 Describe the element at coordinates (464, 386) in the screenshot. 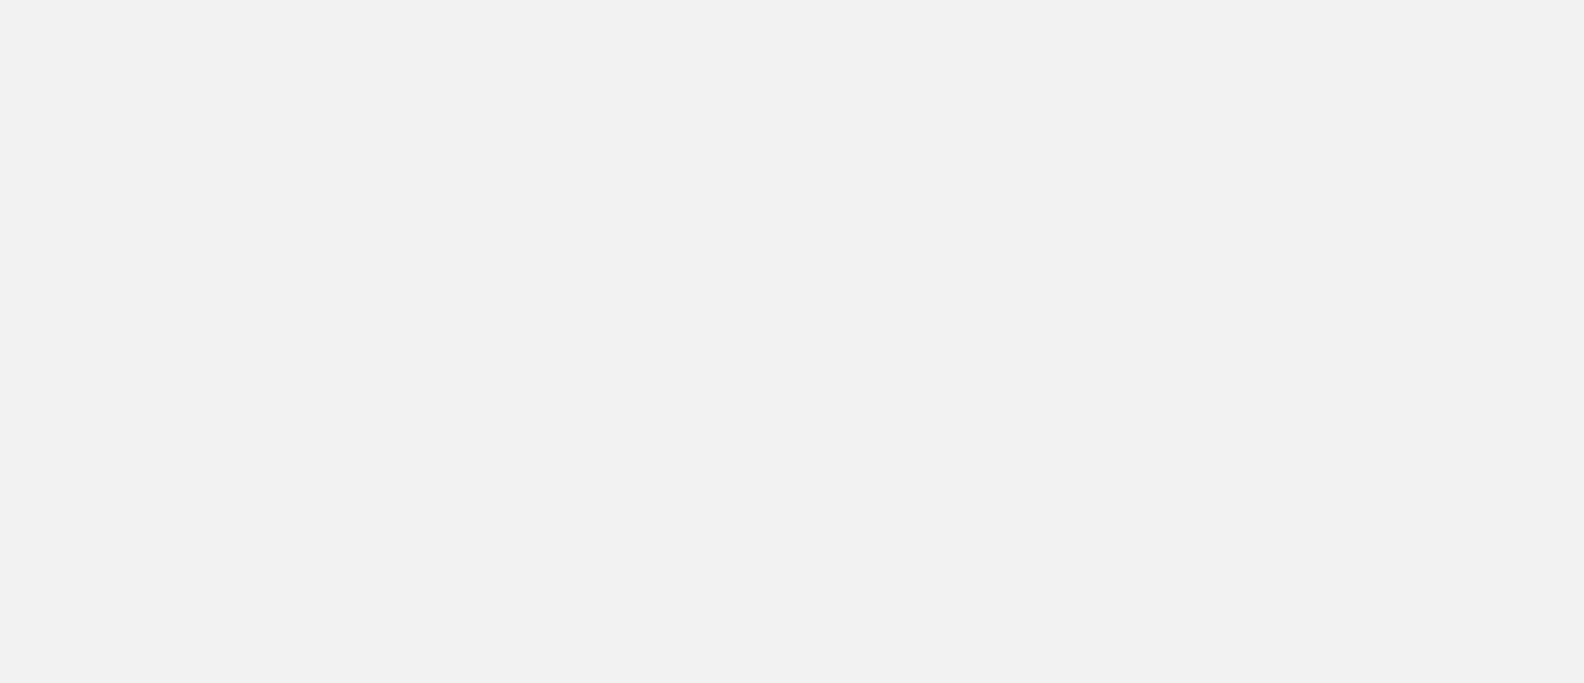

I see `'Leave a reply'` at that location.